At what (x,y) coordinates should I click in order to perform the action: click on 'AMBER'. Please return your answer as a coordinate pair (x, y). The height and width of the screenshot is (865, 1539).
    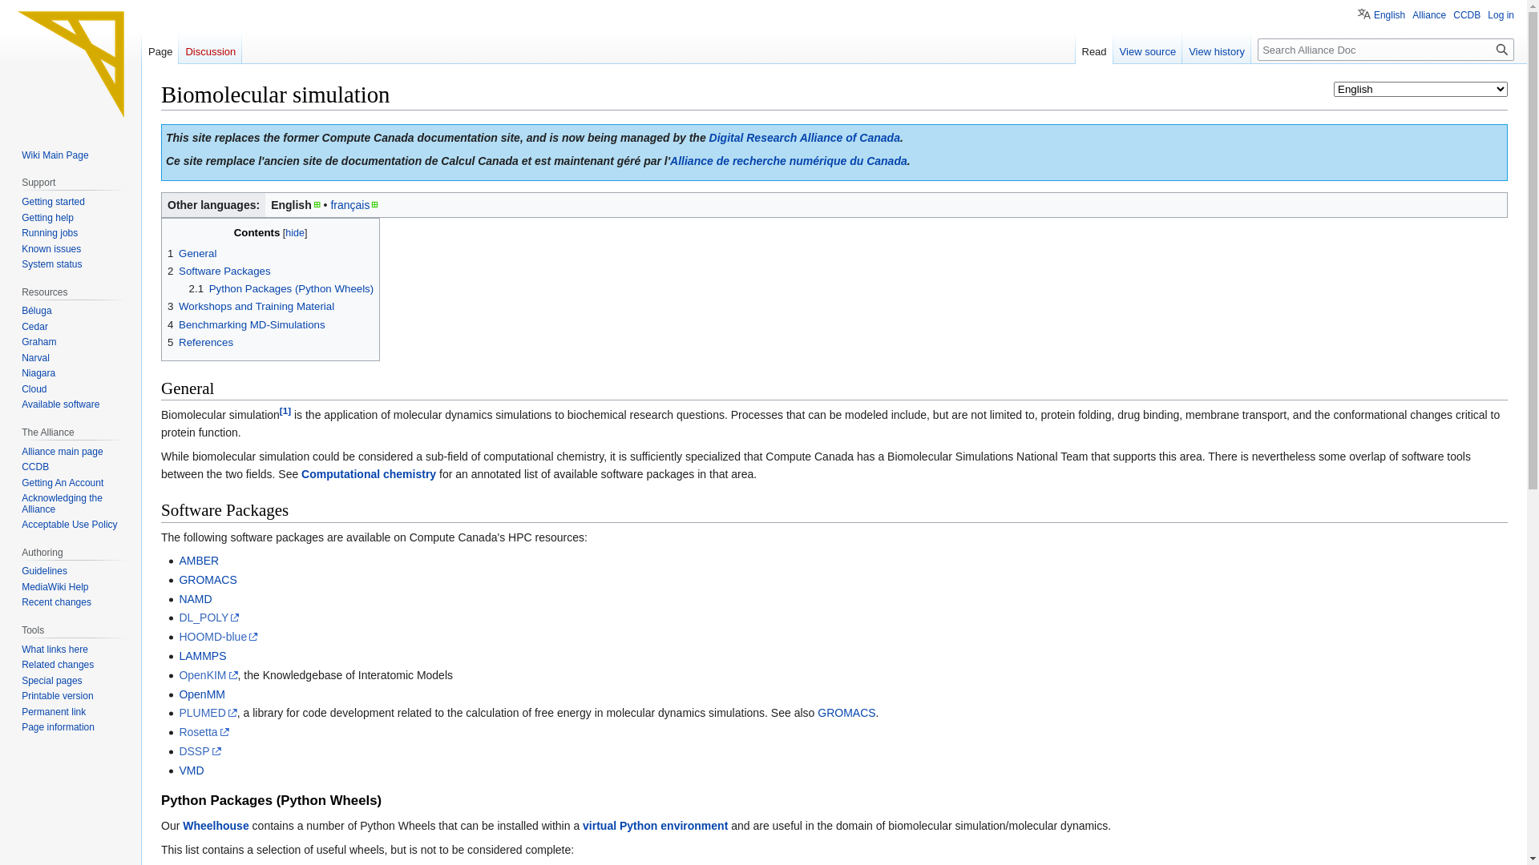
    Looking at the image, I should click on (198, 559).